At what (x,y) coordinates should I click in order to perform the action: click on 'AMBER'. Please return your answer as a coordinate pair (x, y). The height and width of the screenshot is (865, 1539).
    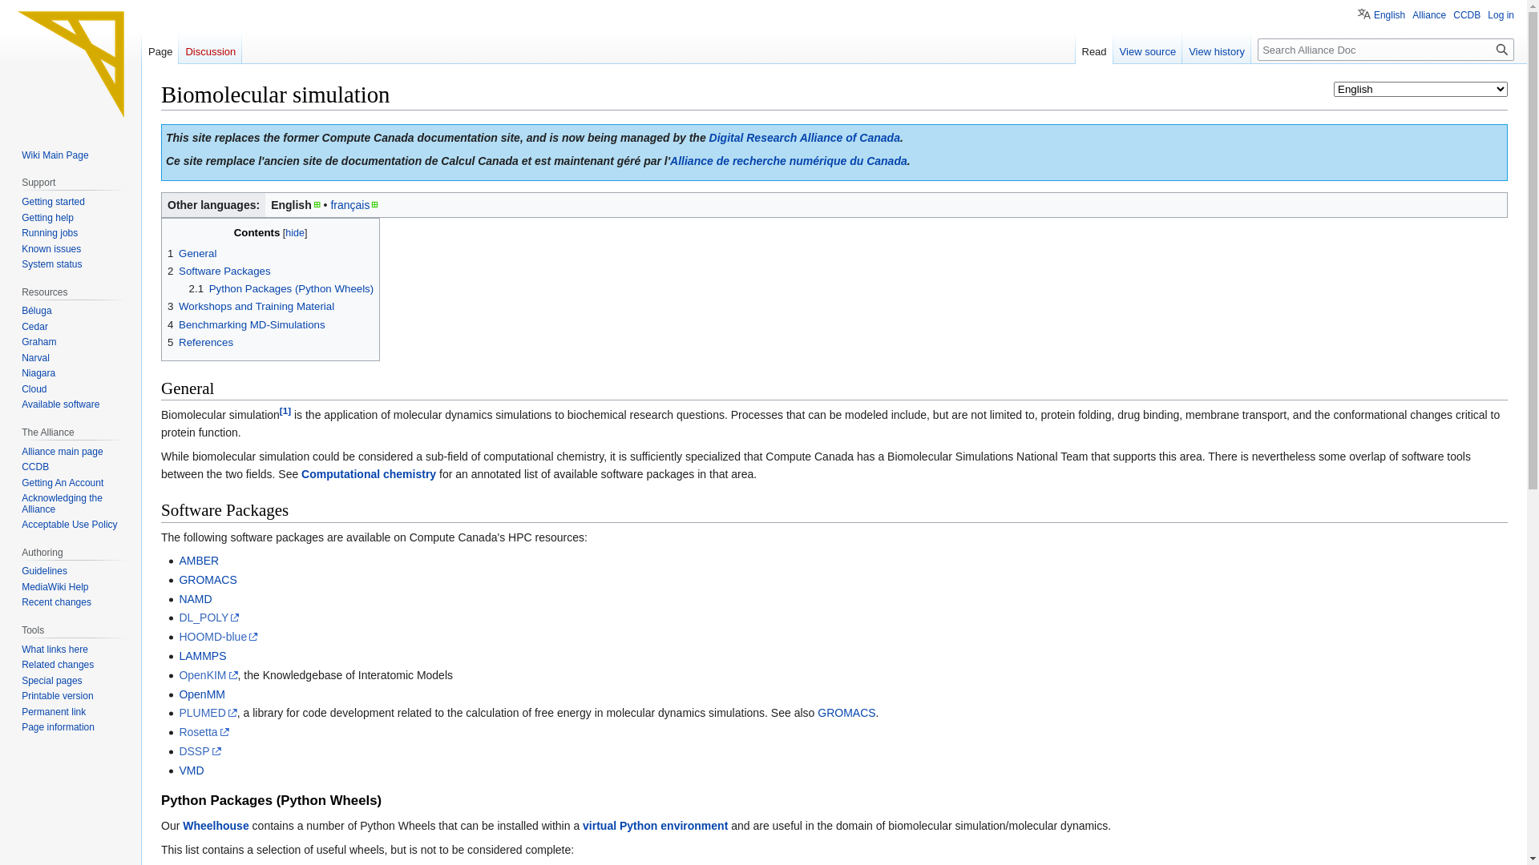
    Looking at the image, I should click on (198, 559).